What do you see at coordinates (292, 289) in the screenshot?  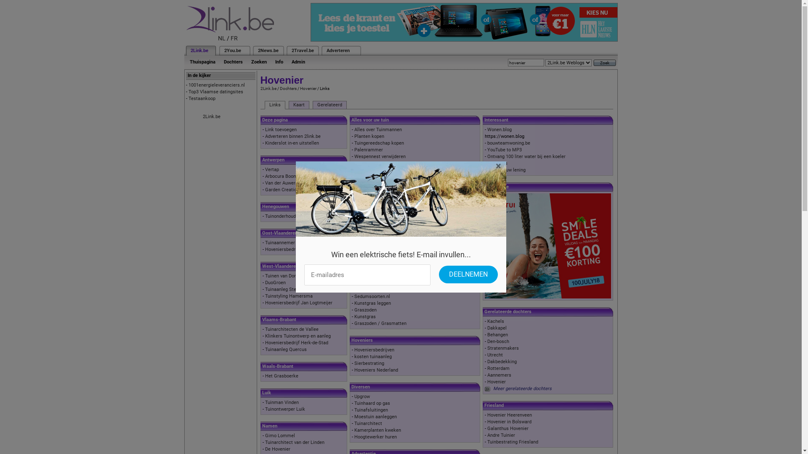 I see `'Tuinaanleg Stephan Boute'` at bounding box center [292, 289].